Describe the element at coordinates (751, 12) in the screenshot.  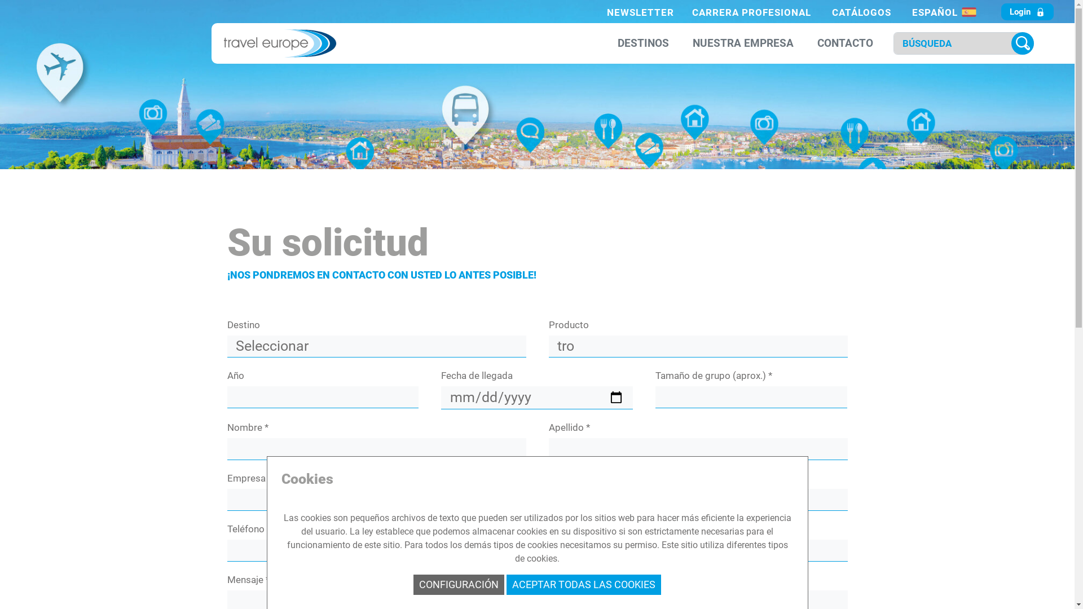
I see `'CARRERA PROFESIONAL'` at that location.